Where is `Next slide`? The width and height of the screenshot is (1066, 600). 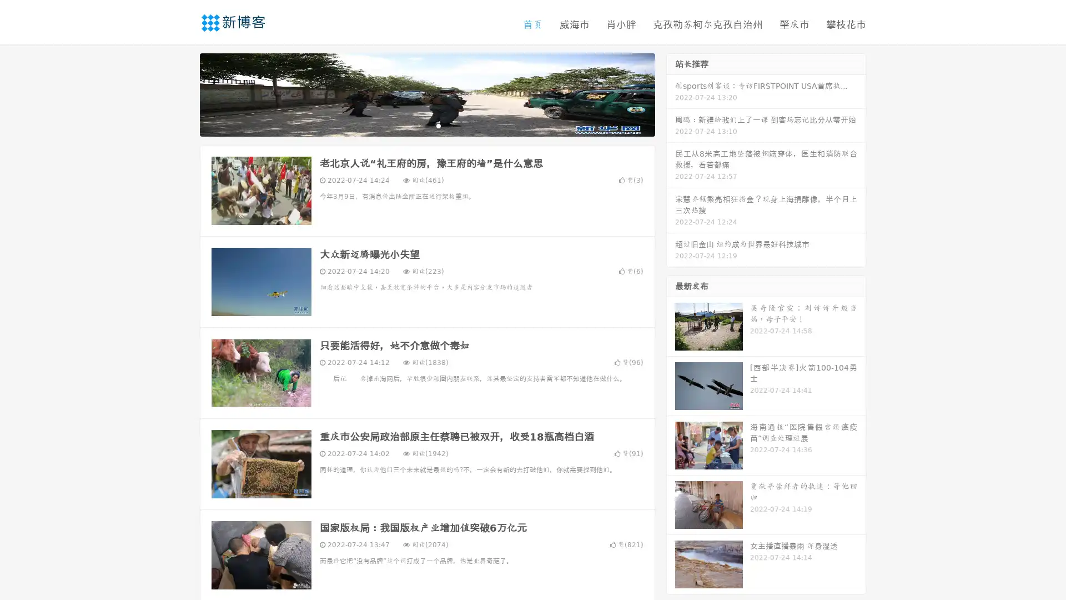 Next slide is located at coordinates (671, 93).